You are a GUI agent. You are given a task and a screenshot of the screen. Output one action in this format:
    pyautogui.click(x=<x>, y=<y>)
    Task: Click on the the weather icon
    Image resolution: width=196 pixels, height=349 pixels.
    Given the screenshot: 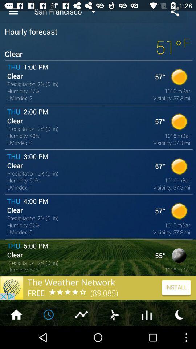 What is the action you would take?
    pyautogui.click(x=179, y=336)
    